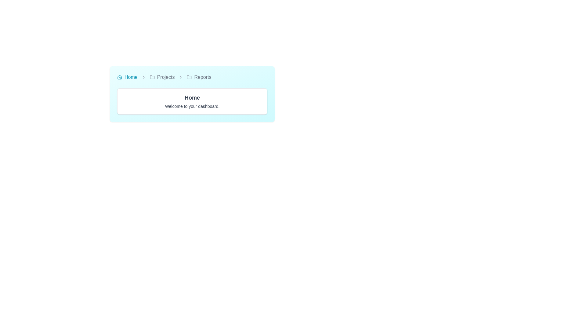 The image size is (586, 330). What do you see at coordinates (189, 77) in the screenshot?
I see `folder icon located in the breadcrumb navigation bar, which is styled in gray and positioned between the 'Home' and 'Reports' links` at bounding box center [189, 77].